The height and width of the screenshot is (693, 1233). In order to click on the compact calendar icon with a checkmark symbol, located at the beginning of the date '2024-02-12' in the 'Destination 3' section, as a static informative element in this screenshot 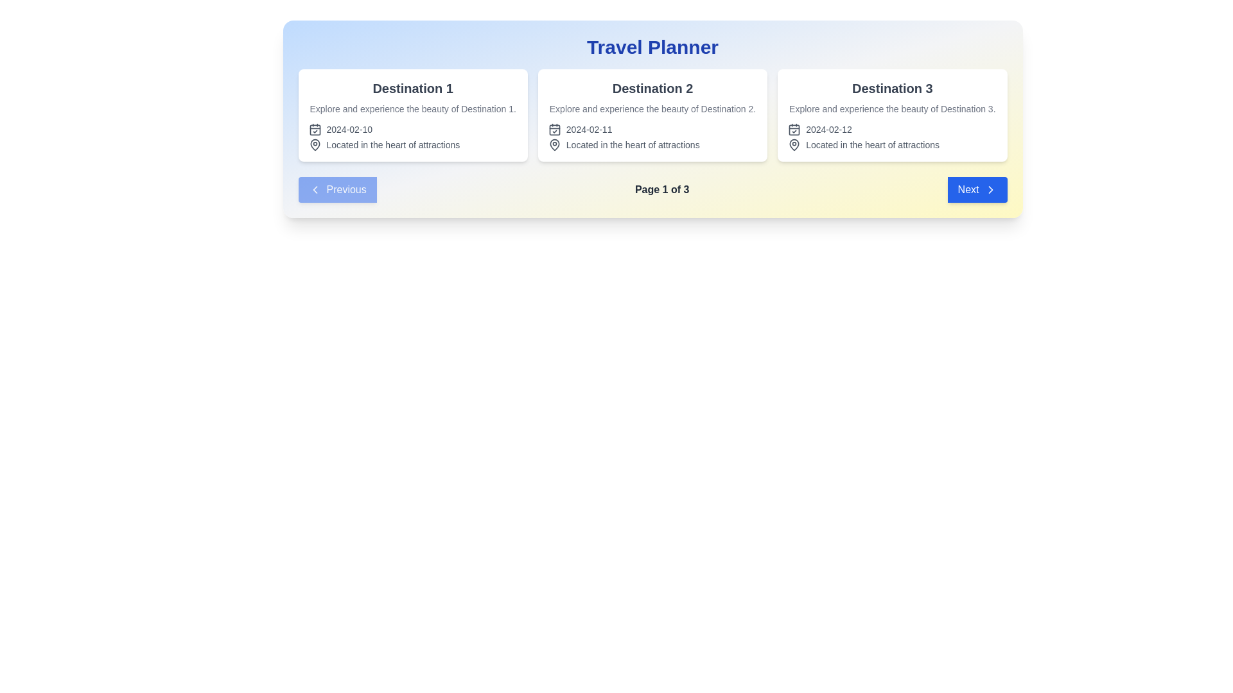, I will do `click(794, 129)`.